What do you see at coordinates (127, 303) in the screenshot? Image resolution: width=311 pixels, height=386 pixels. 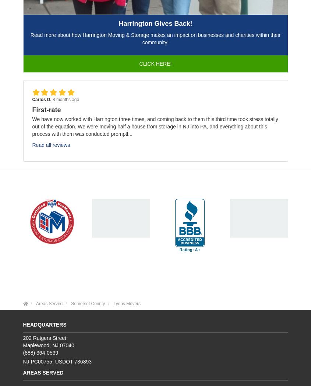 I see `'Lyons Movers'` at bounding box center [127, 303].